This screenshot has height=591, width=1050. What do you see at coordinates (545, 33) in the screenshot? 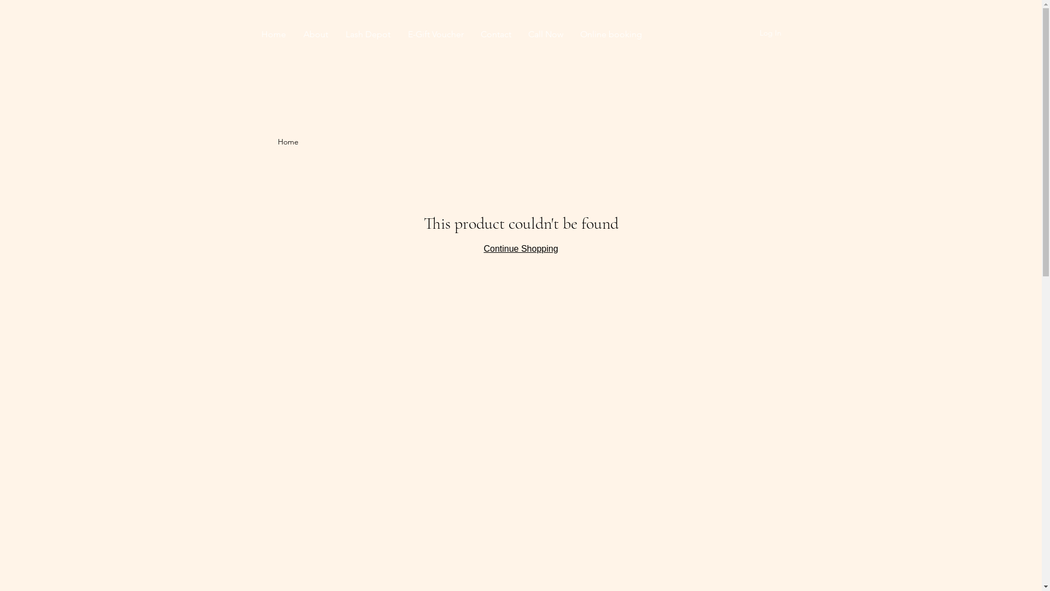
I see `'Call Now'` at bounding box center [545, 33].